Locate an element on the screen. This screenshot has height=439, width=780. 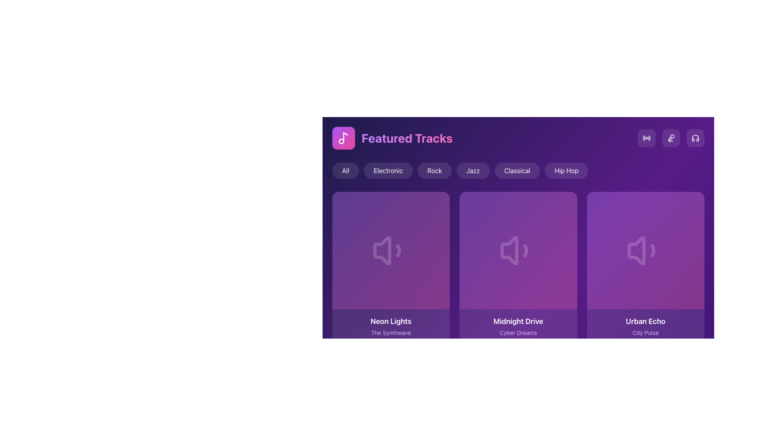
the icon-based button representing vocal audio or microphone operations is located at coordinates (671, 137).